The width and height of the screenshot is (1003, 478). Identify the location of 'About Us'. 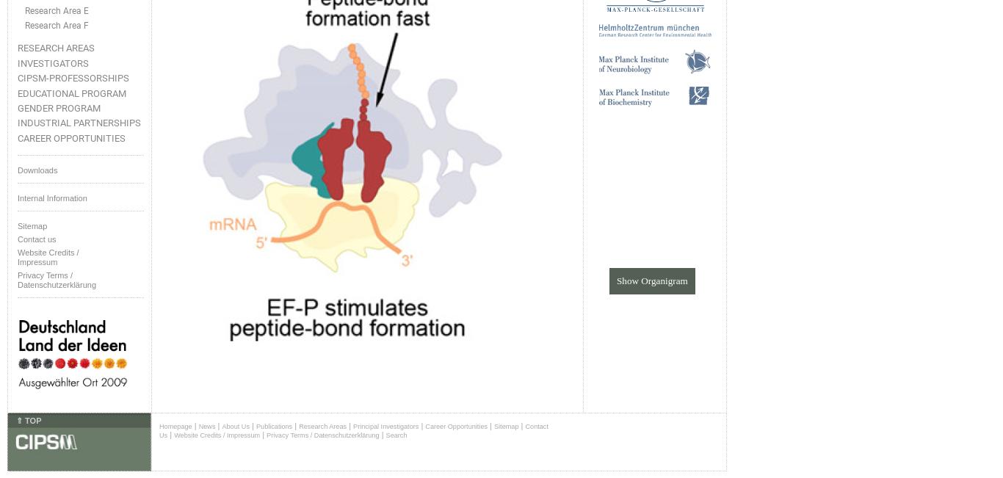
(222, 426).